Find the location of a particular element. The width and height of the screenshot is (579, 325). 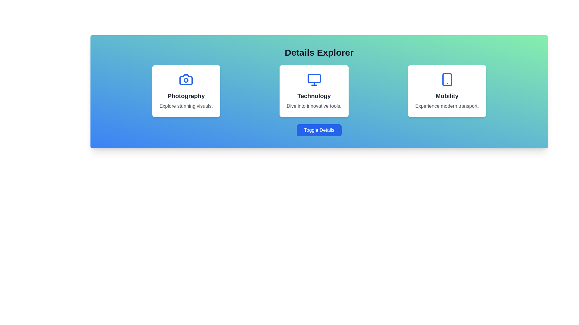

text label that serves as a title or header, positioned centrally above the three cards labeled 'Photography,' 'Technology,' and 'Mobility.' is located at coordinates (319, 52).